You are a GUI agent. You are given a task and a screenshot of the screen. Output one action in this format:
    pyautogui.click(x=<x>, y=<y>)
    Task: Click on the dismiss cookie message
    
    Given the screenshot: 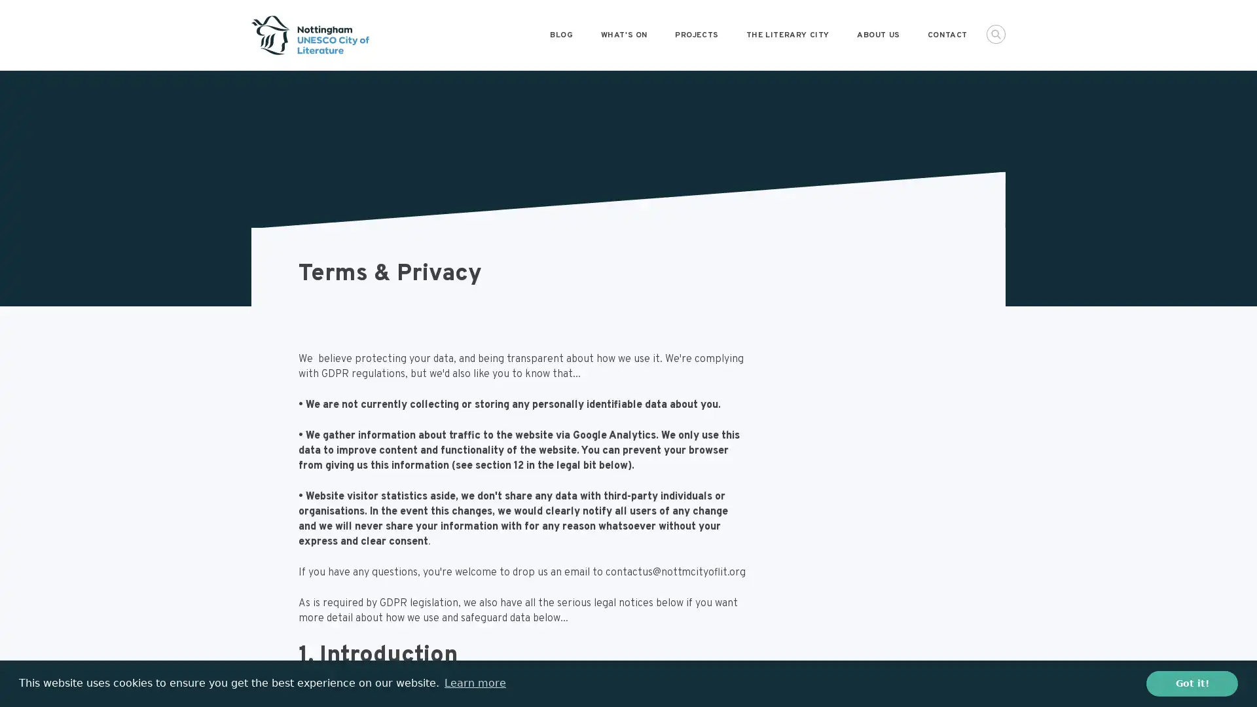 What is the action you would take?
    pyautogui.click(x=1192, y=683)
    